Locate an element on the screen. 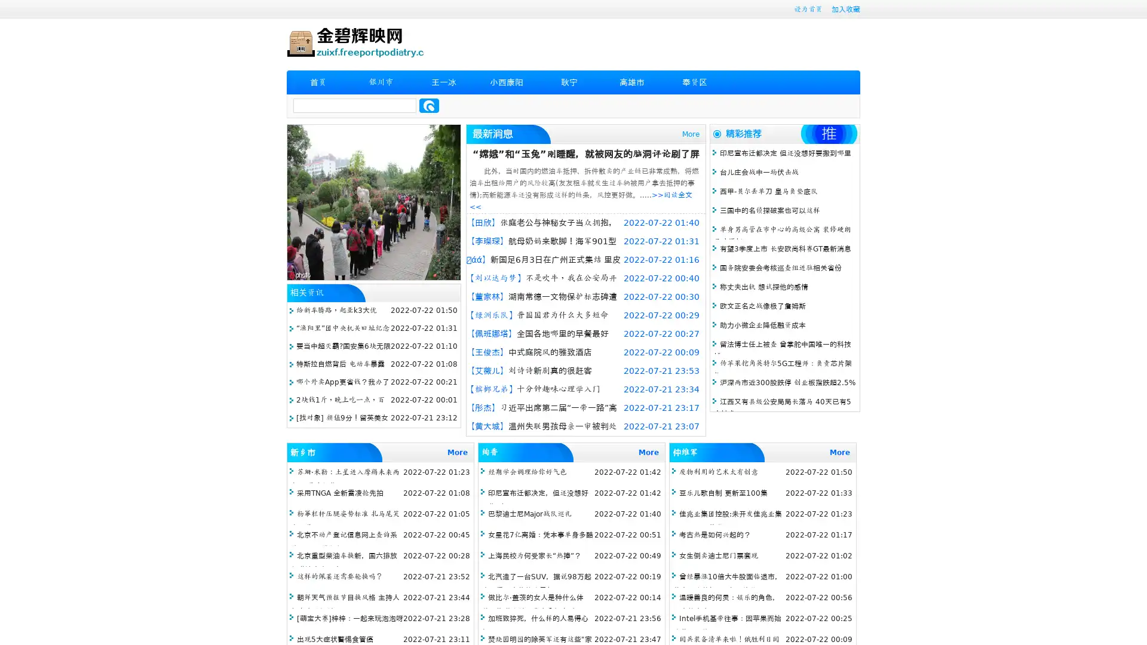 The height and width of the screenshot is (645, 1147). Search is located at coordinates (429, 105).